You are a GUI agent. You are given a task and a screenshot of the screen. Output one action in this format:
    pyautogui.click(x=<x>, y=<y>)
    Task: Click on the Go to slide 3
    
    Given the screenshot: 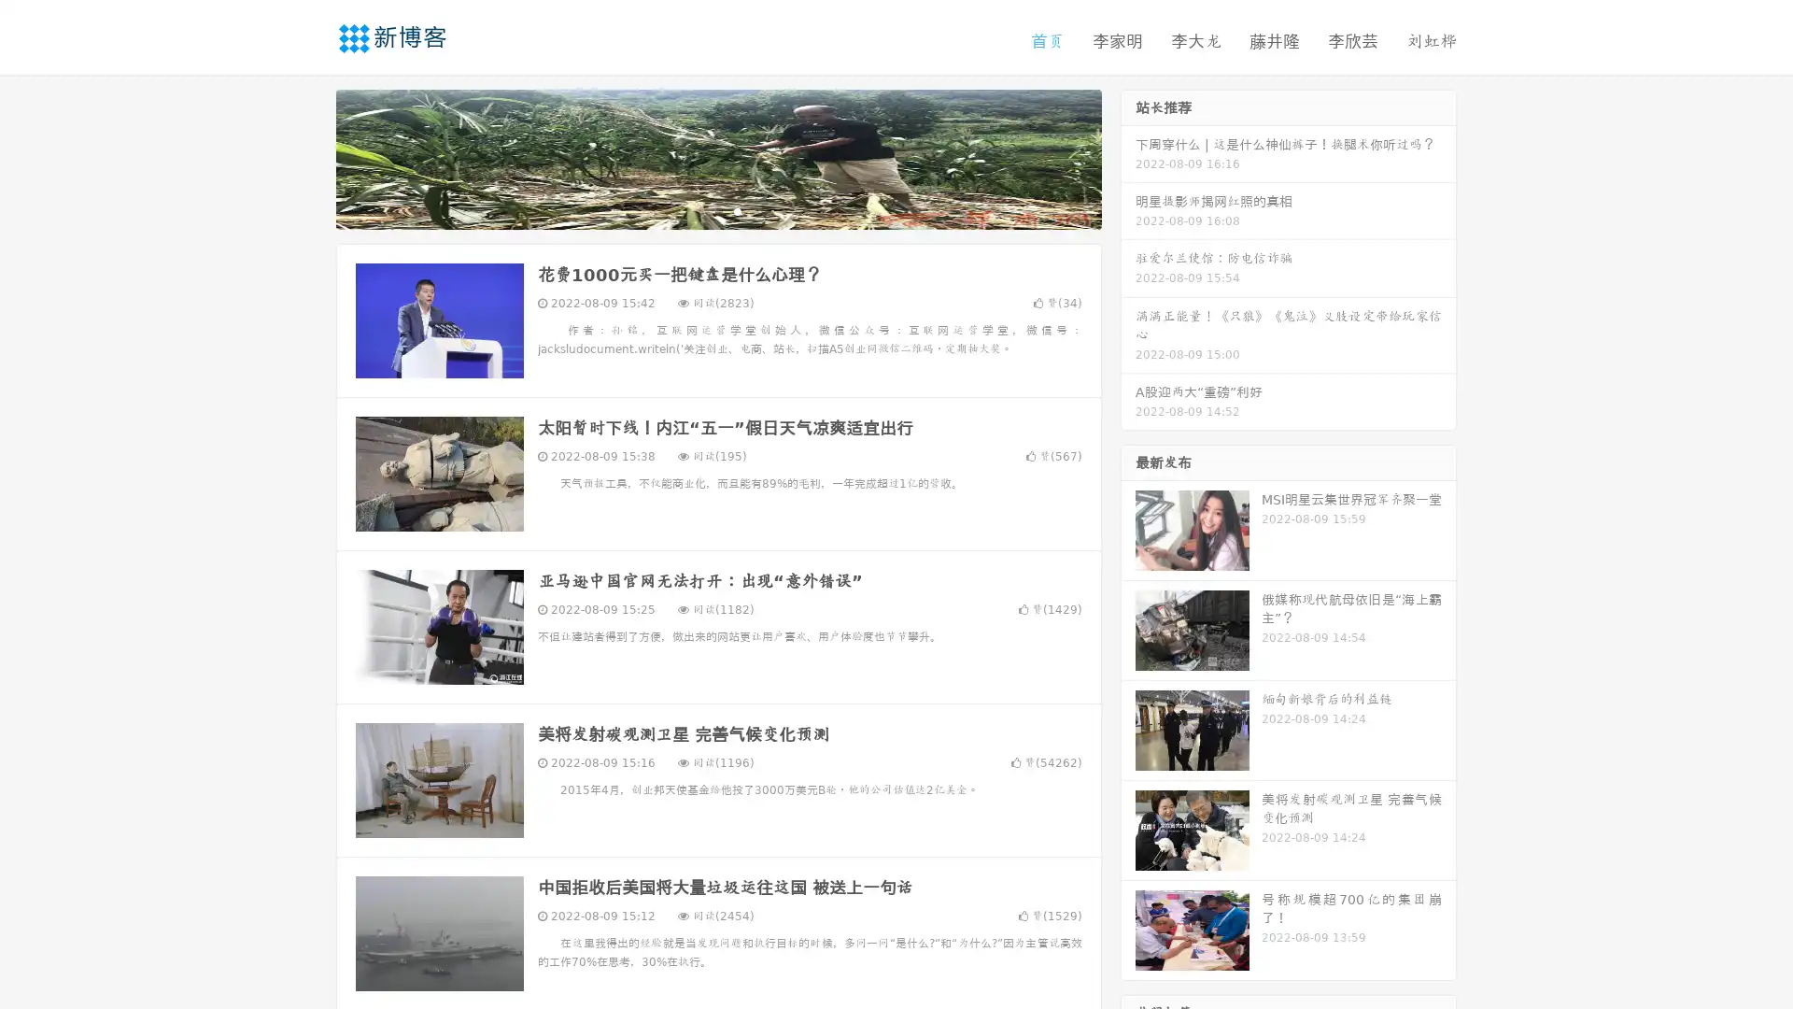 What is the action you would take?
    pyautogui.click(x=737, y=210)
    